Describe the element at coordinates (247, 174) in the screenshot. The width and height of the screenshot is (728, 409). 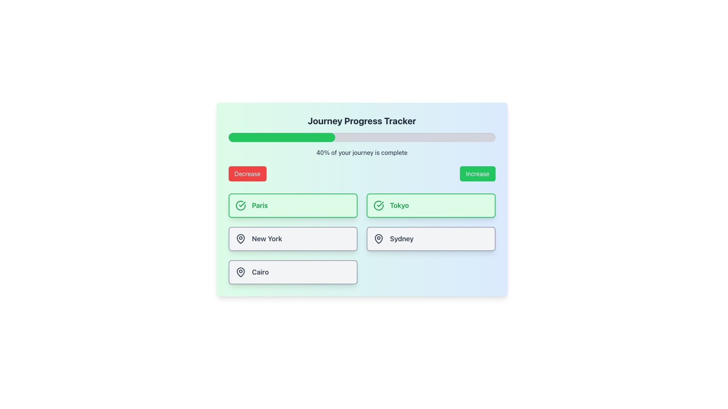
I see `the 'Decrease' button located on the left side of the horizontal button pair` at that location.